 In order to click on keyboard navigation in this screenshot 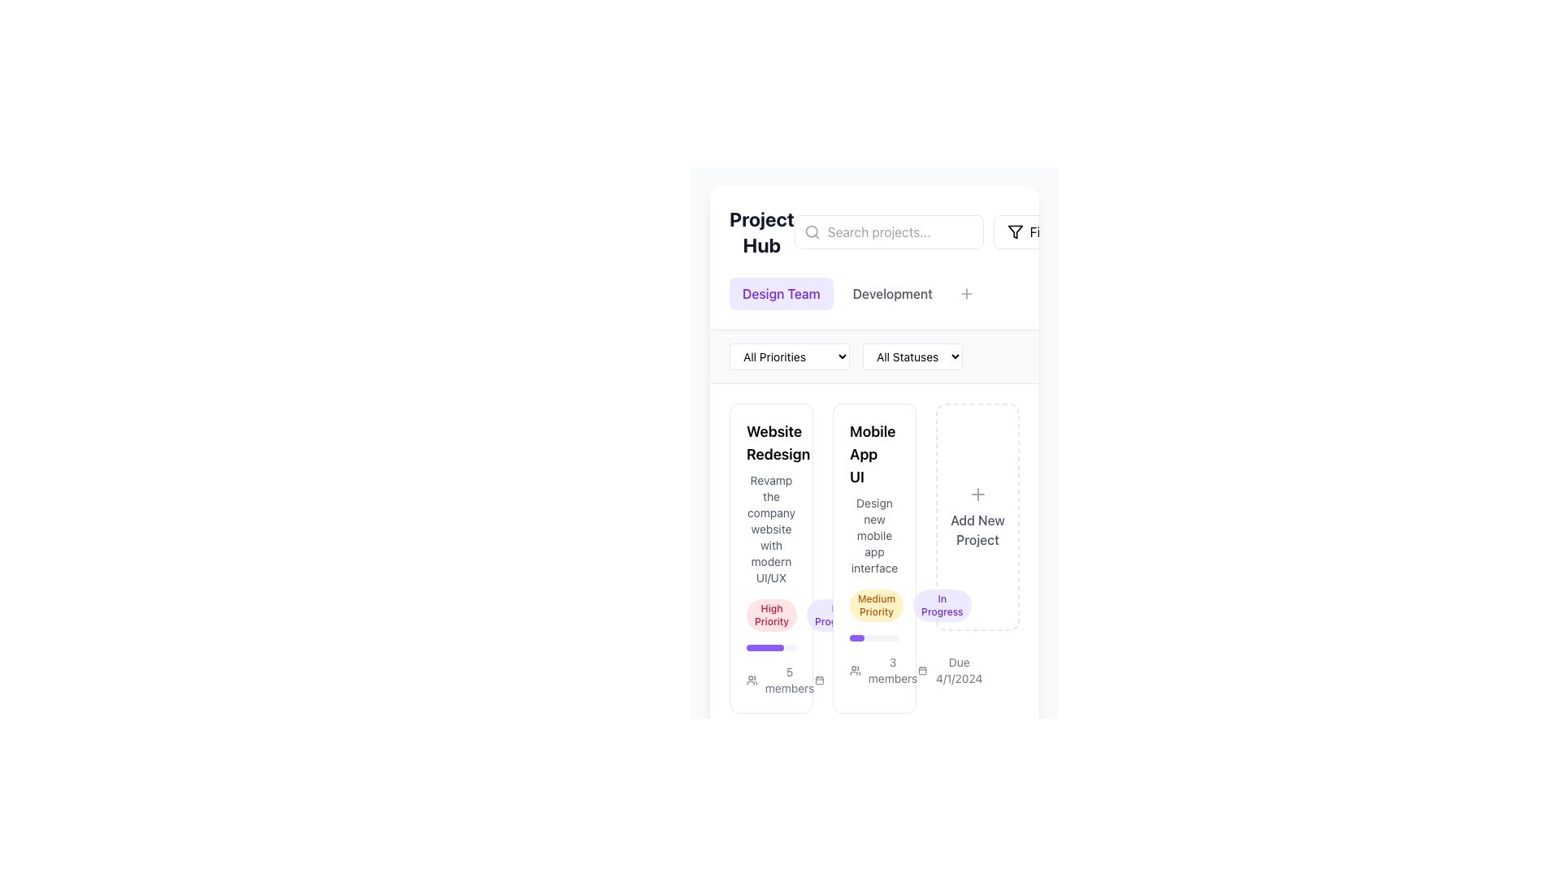, I will do `click(891, 294)`.